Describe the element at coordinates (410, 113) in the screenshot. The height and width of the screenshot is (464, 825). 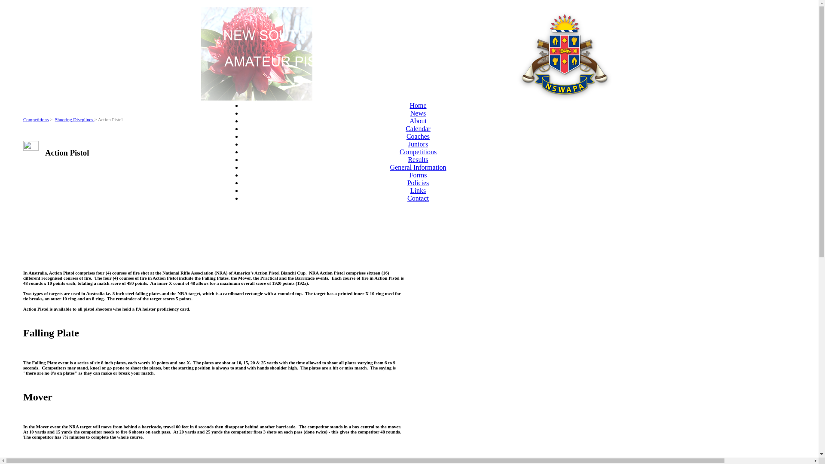
I see `'News'` at that location.